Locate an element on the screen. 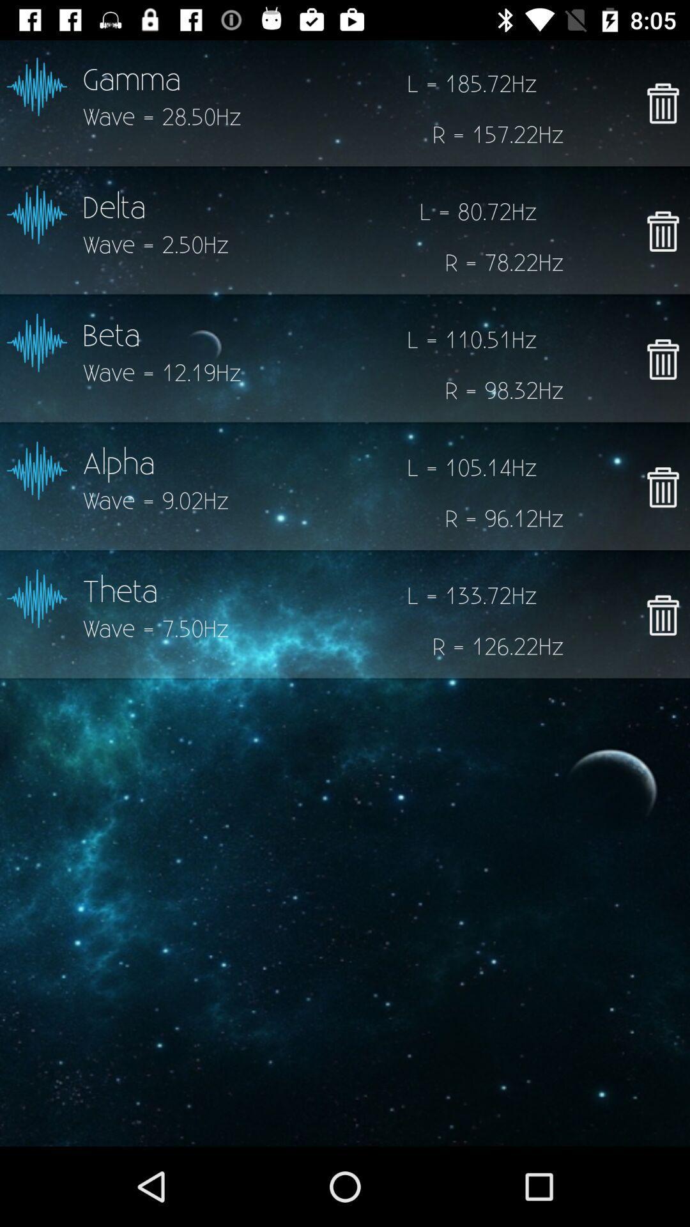 The height and width of the screenshot is (1227, 690). delete this item is located at coordinates (662, 486).